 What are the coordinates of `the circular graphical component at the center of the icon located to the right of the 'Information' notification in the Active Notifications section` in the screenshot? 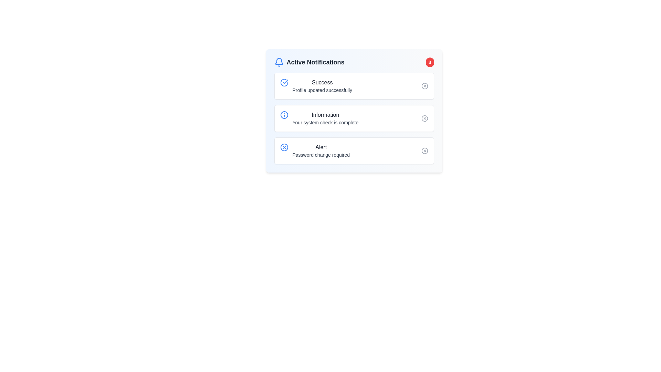 It's located at (424, 118).